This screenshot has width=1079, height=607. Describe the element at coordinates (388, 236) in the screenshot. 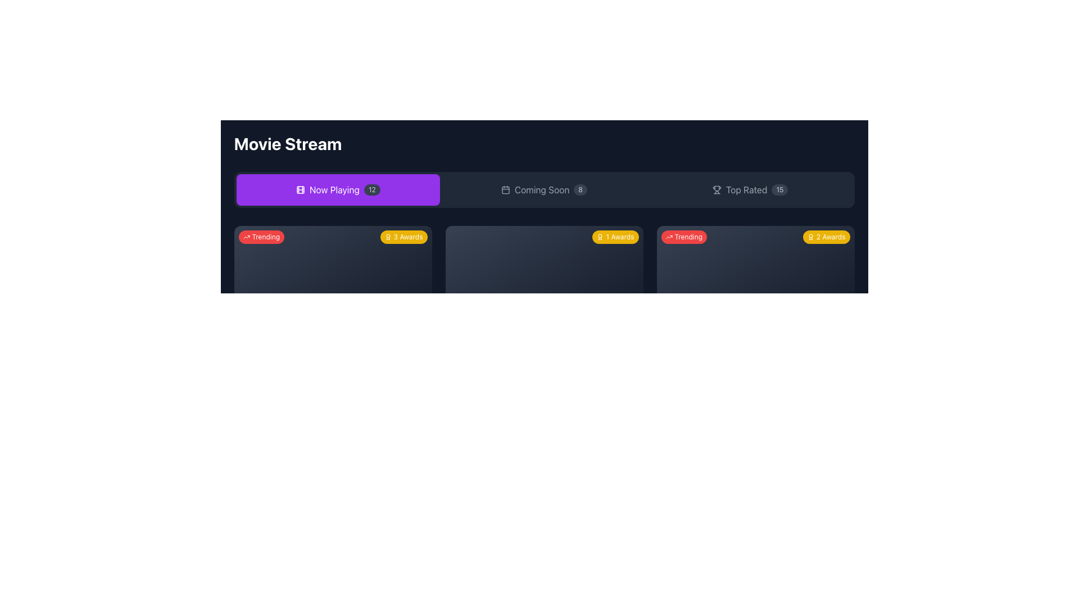

I see `the Decorative icon that signifies awards within the '3 Awards' badge located in the upper-right corner of the yellow badge` at that location.